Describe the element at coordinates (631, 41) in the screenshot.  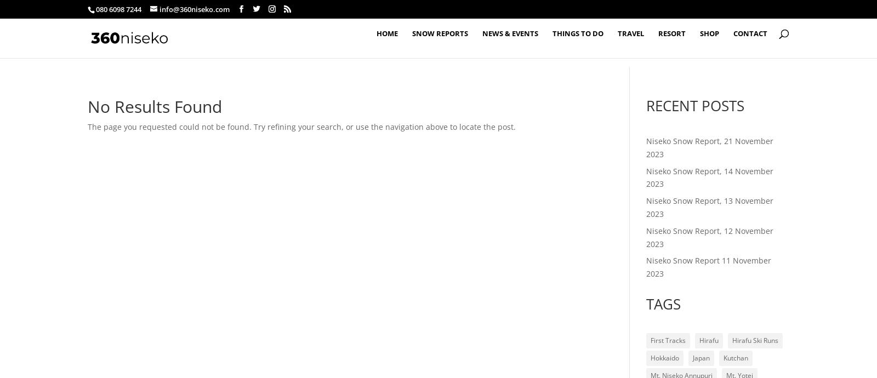
I see `'Travel'` at that location.